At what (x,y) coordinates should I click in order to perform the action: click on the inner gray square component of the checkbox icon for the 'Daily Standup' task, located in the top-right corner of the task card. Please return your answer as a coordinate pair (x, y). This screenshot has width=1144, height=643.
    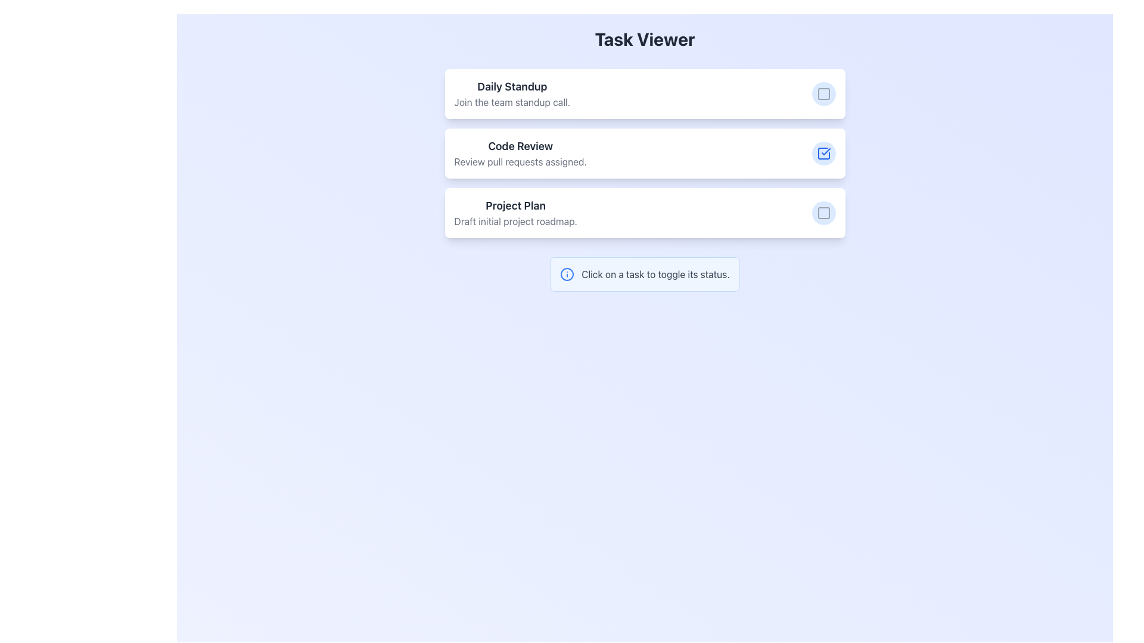
    Looking at the image, I should click on (823, 93).